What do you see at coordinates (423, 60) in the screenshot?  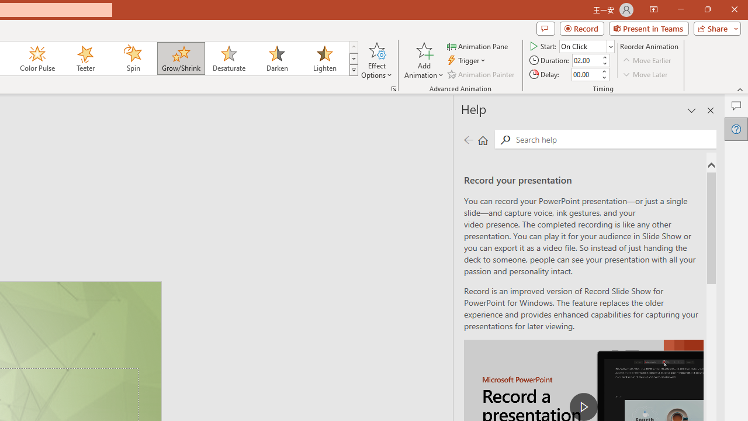 I see `'Add Animation'` at bounding box center [423, 60].